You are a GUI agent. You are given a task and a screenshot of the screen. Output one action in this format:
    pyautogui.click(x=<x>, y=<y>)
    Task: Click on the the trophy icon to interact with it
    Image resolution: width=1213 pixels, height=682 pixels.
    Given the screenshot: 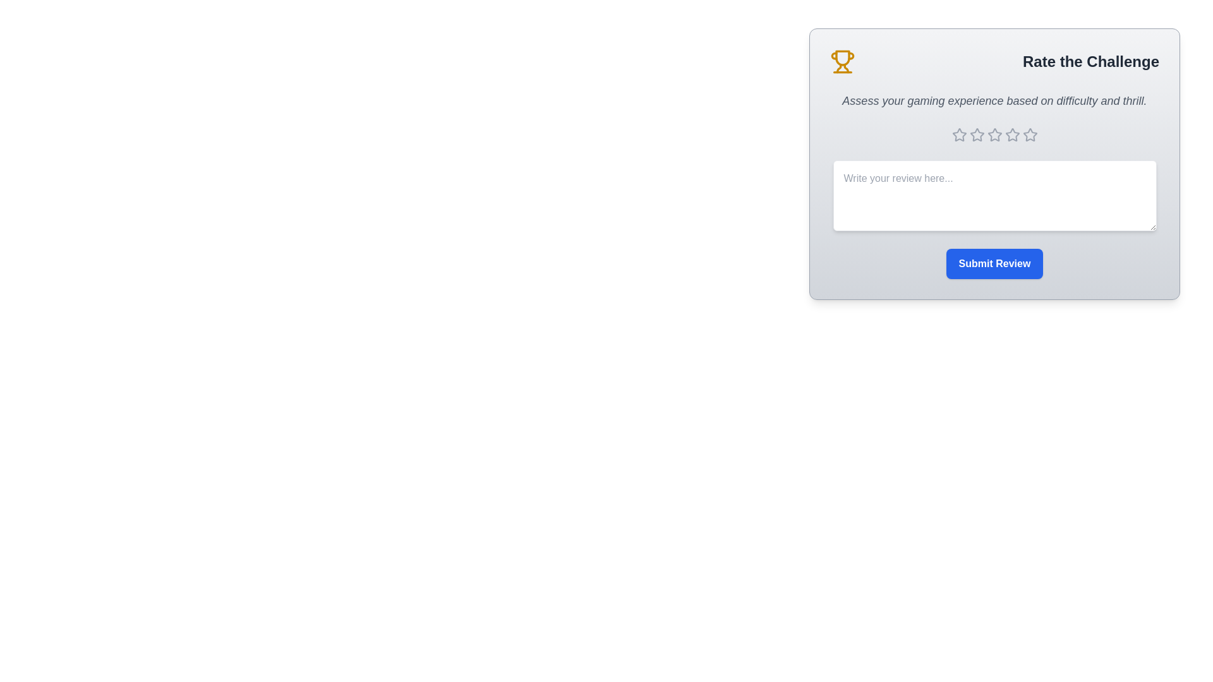 What is the action you would take?
    pyautogui.click(x=843, y=61)
    